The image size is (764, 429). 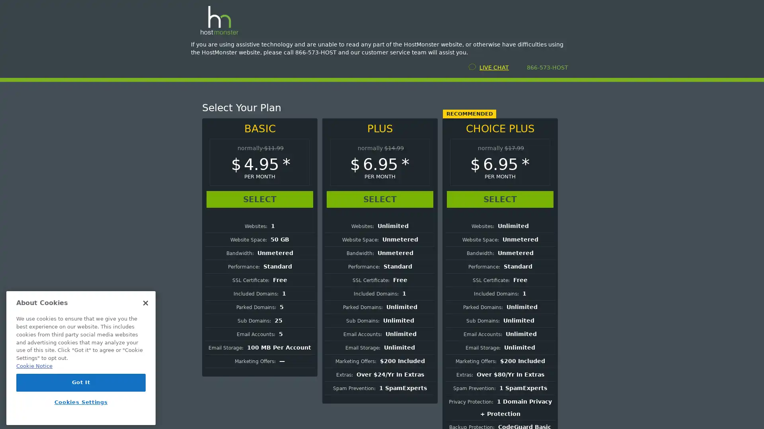 What do you see at coordinates (81, 402) in the screenshot?
I see `Cookies Settings` at bounding box center [81, 402].